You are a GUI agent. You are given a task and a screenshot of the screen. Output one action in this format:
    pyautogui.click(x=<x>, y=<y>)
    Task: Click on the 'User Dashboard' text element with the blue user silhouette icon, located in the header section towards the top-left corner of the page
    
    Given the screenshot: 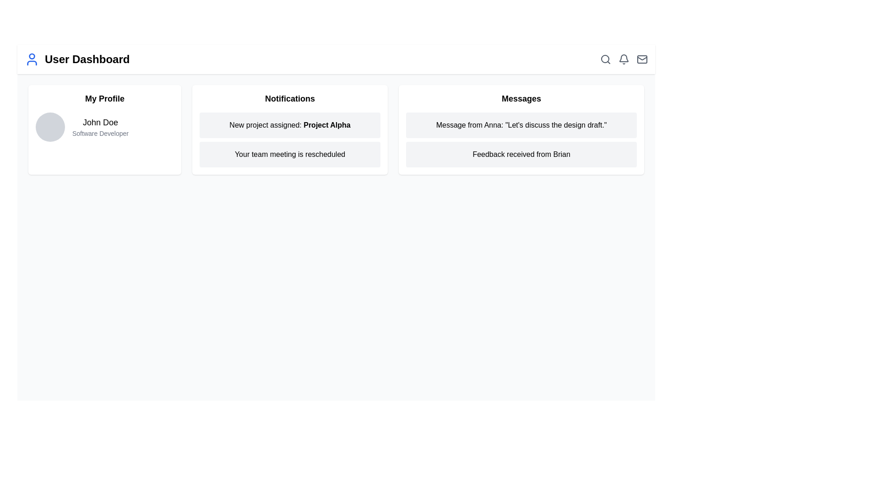 What is the action you would take?
    pyautogui.click(x=77, y=59)
    